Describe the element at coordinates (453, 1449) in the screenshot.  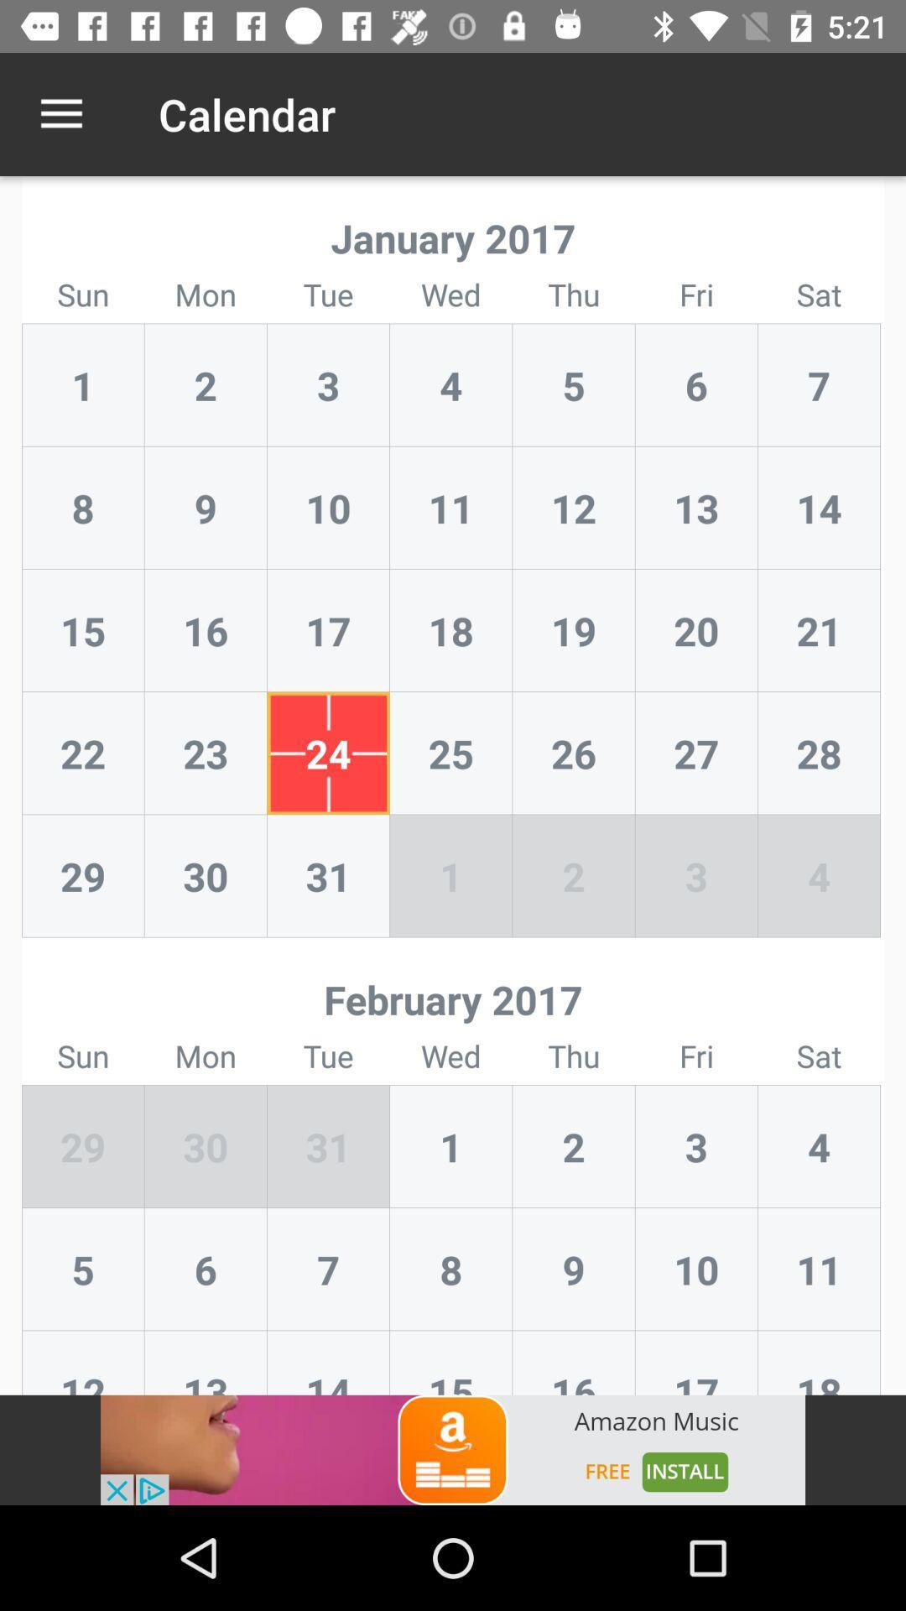
I see `advertisements banner` at that location.